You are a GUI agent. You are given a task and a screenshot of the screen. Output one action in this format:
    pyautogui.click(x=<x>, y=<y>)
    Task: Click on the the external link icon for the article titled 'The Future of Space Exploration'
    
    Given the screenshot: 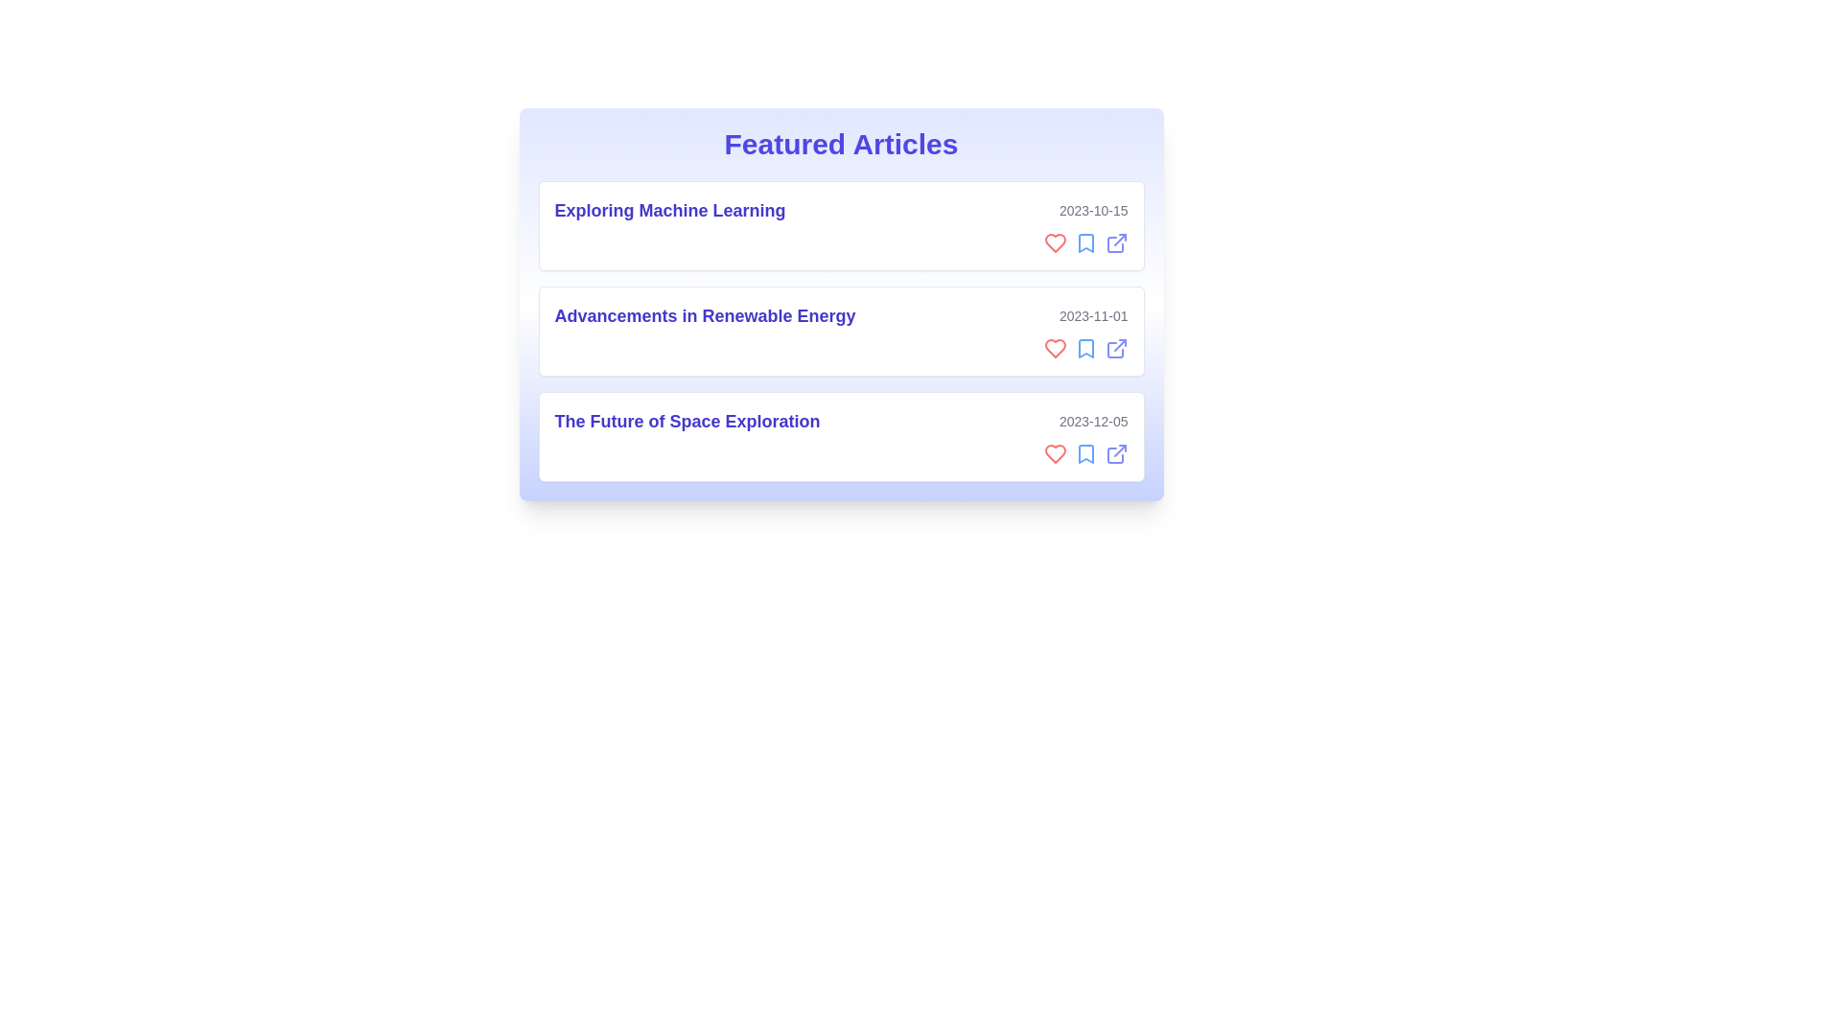 What is the action you would take?
    pyautogui.click(x=1116, y=454)
    